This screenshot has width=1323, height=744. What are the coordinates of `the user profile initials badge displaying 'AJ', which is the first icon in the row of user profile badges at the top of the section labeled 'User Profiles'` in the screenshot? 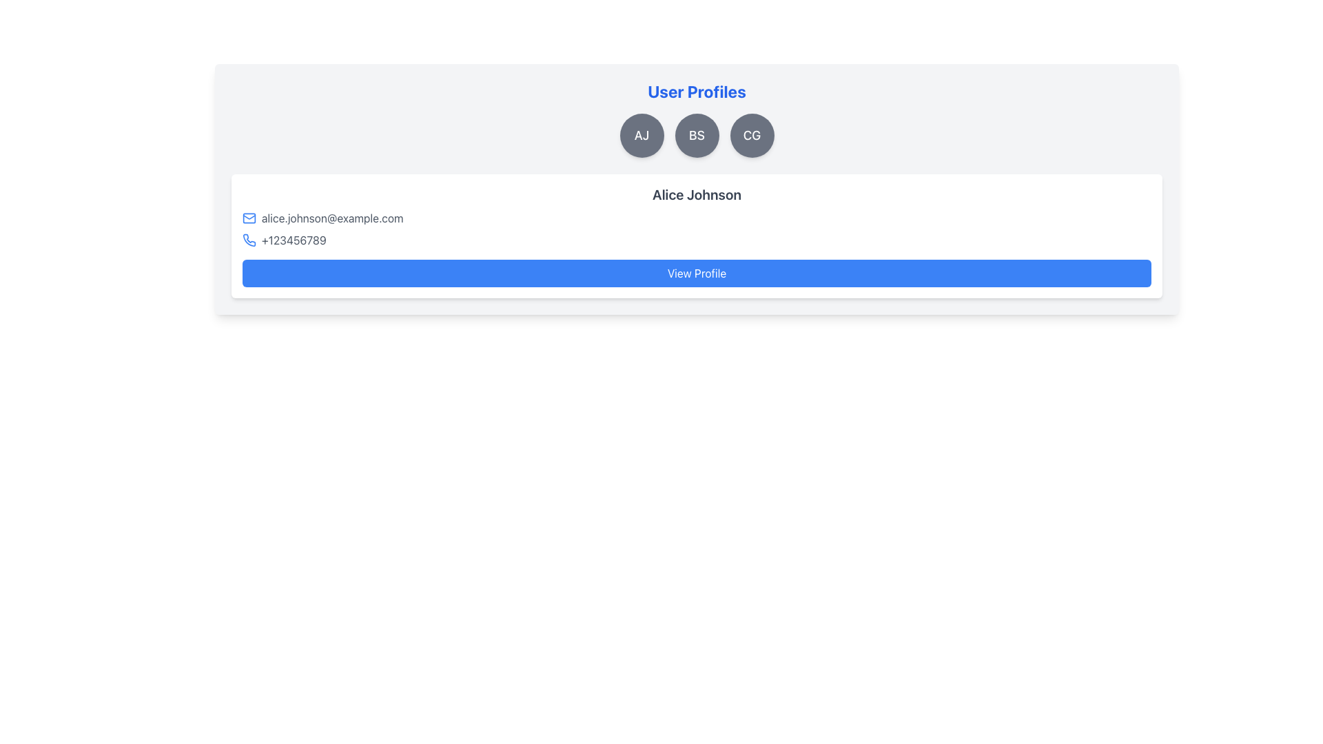 It's located at (641, 135).